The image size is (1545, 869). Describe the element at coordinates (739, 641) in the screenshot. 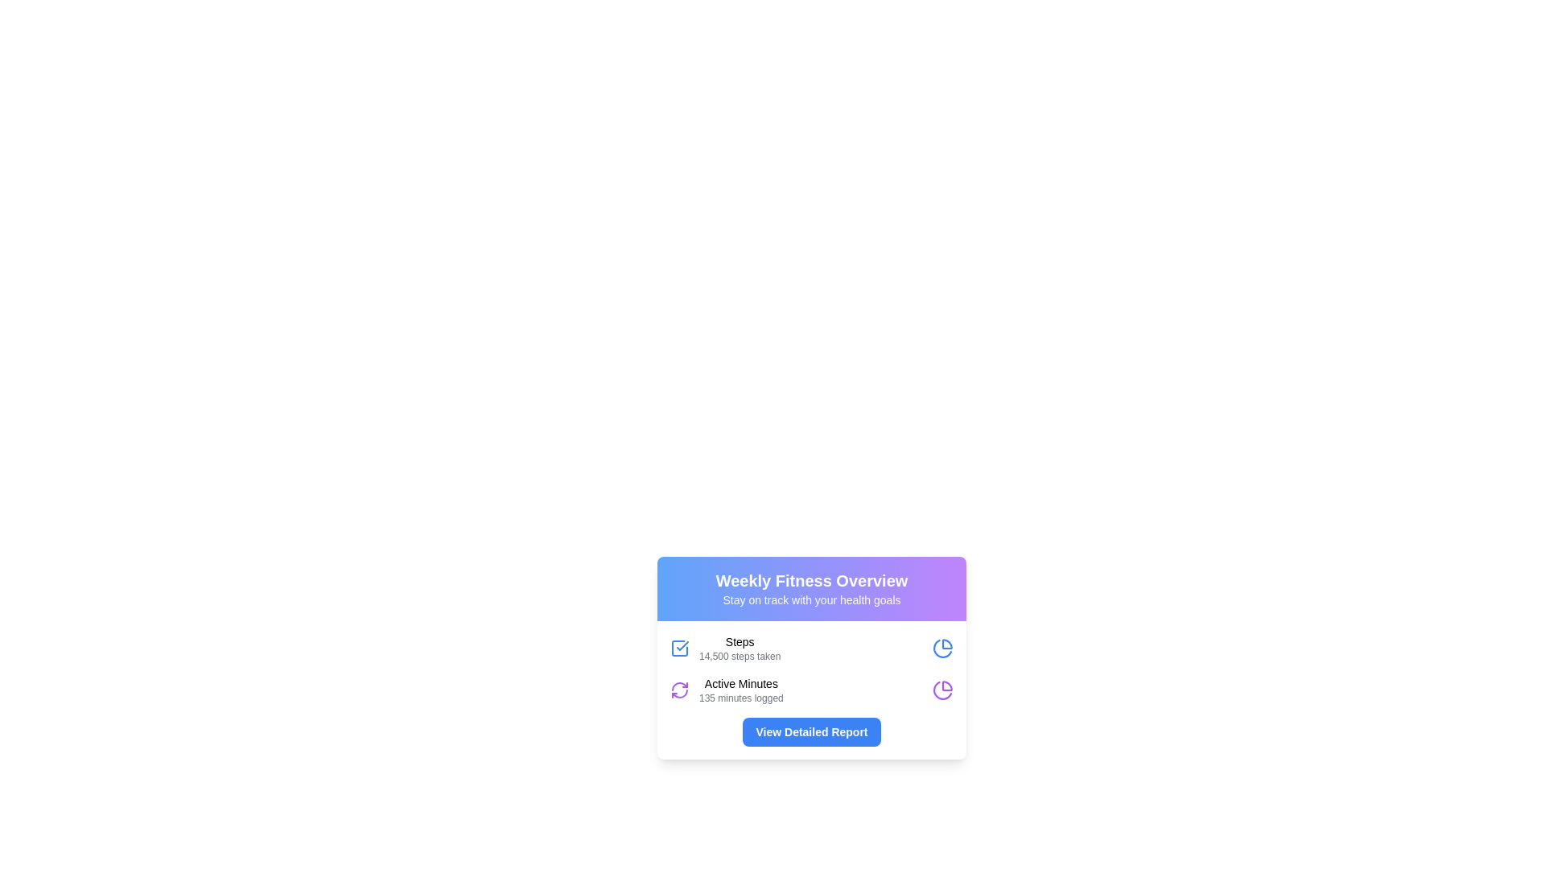

I see `the static text label reading 'Steps' which is positioned at the top of the health statistics card within the 'Weekly Fitness Overview'` at that location.